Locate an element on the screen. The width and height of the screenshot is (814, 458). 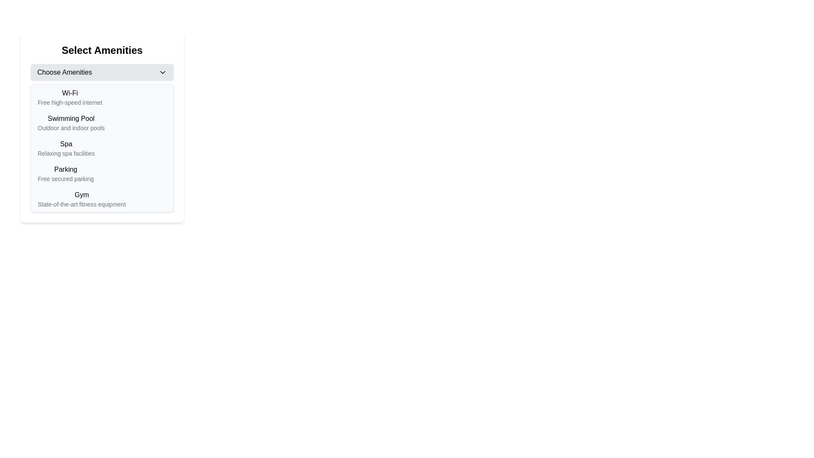
the text display block that provides information about parking amenities, which specifies that free secured parking is available is located at coordinates (65, 173).